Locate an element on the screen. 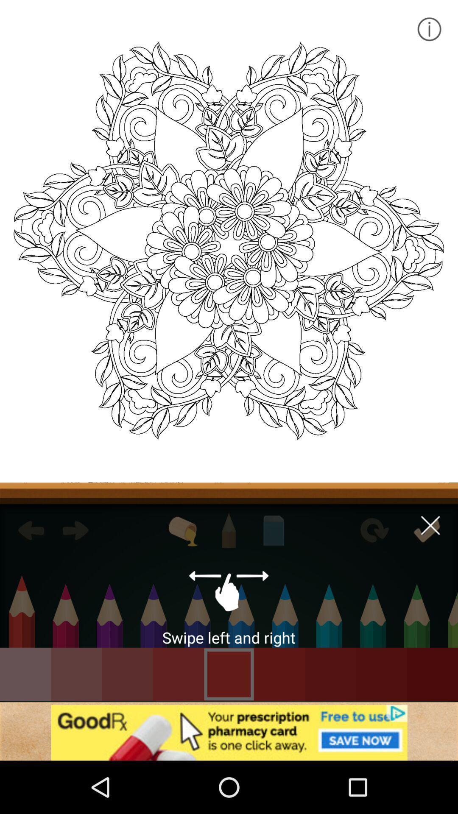 The width and height of the screenshot is (458, 814). the info icon is located at coordinates (429, 29).